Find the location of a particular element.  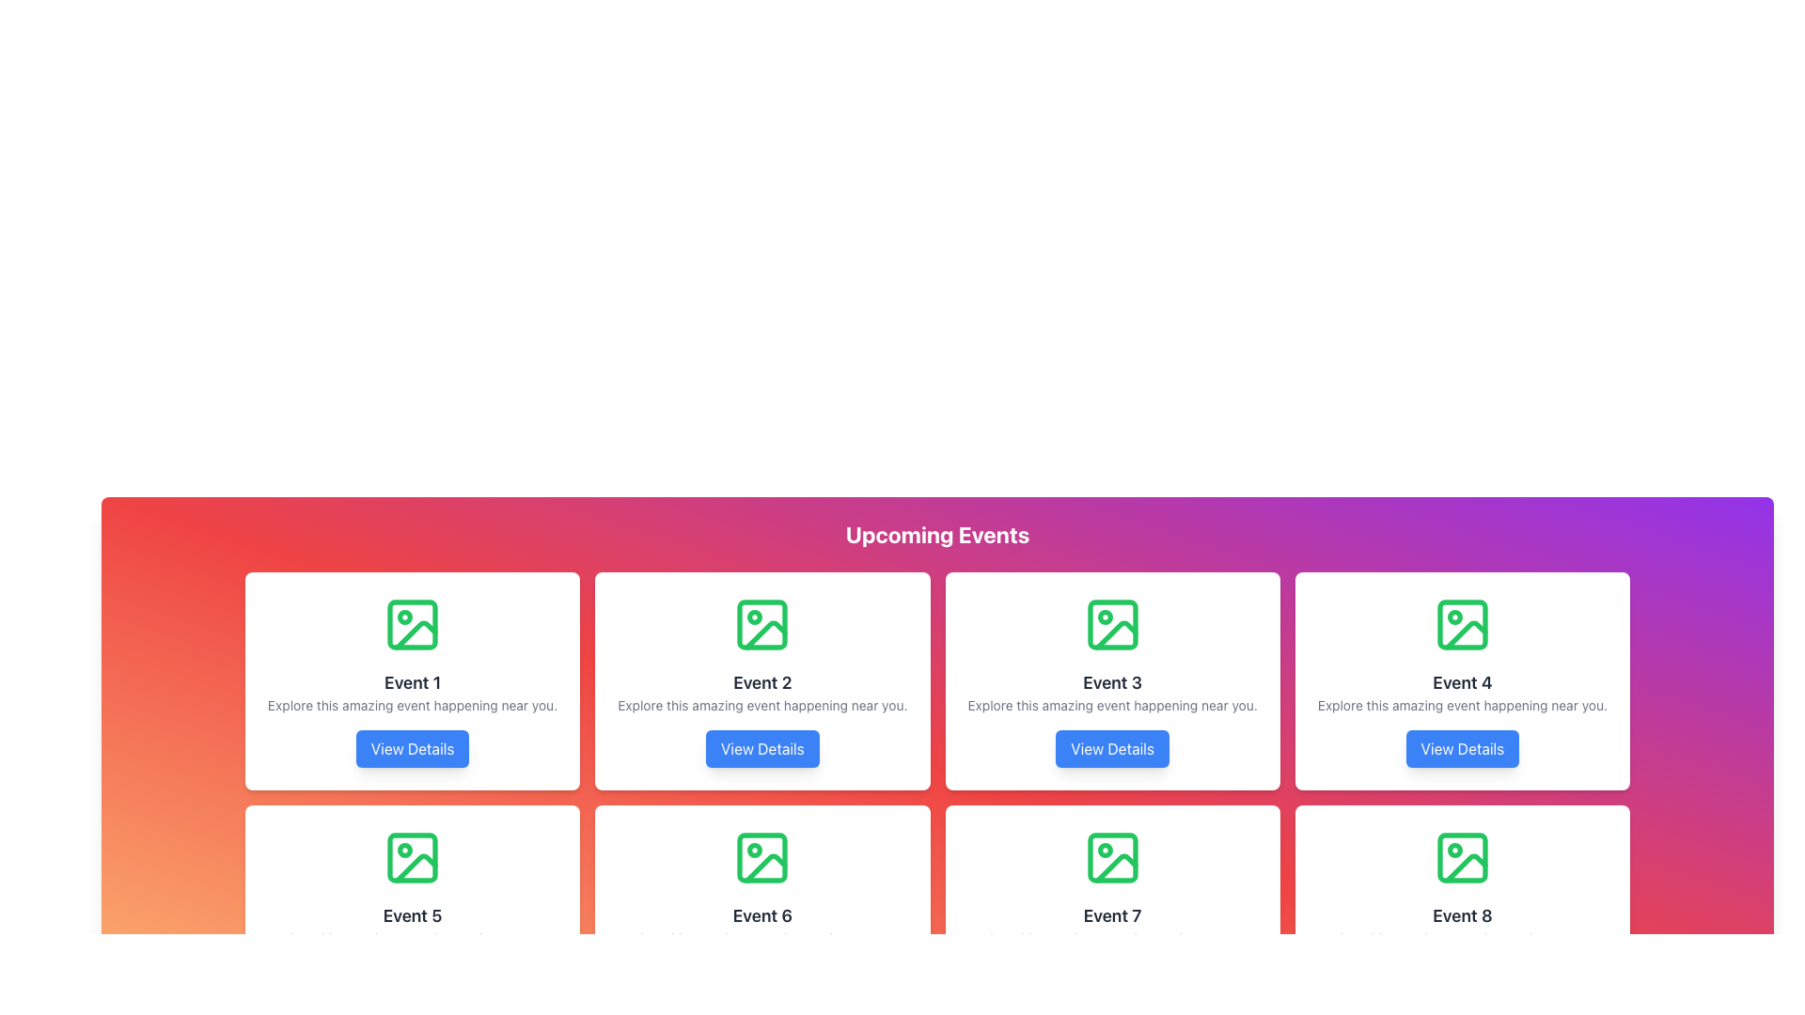

the green-colored icon resembling an image placeholder located in the third card of the first row labeled 'Event 3' is located at coordinates (1112, 624).